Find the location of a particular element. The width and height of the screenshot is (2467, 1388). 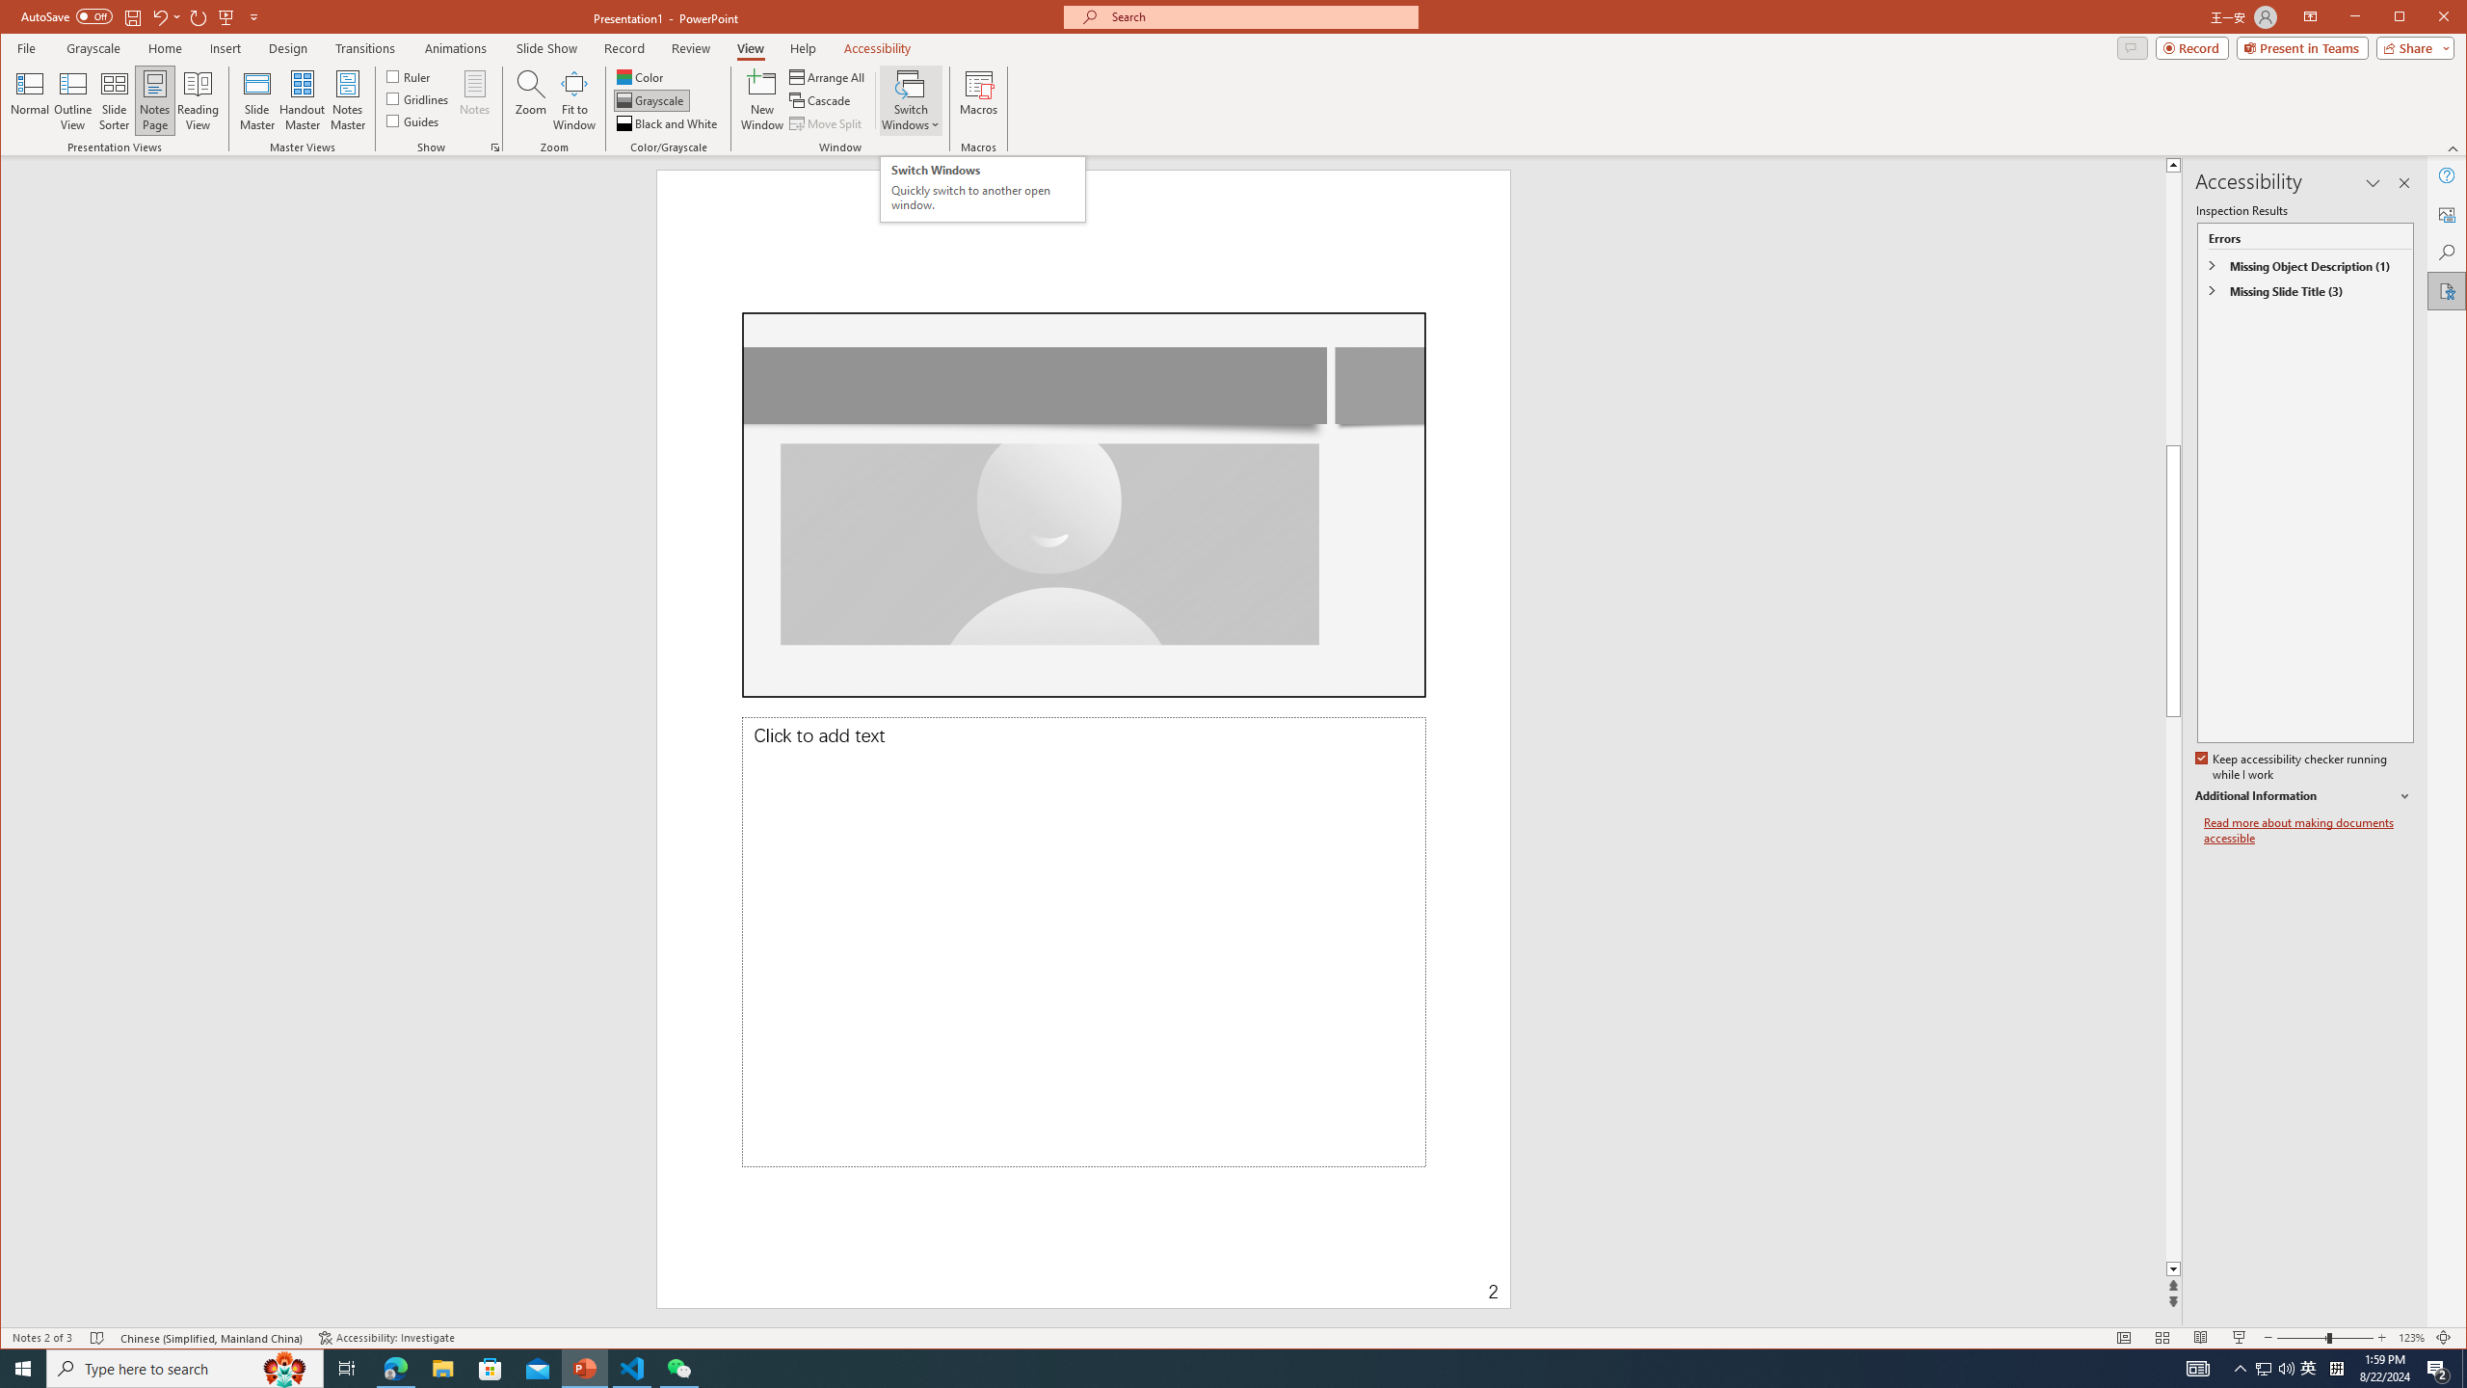

'Color' is located at coordinates (640, 77).